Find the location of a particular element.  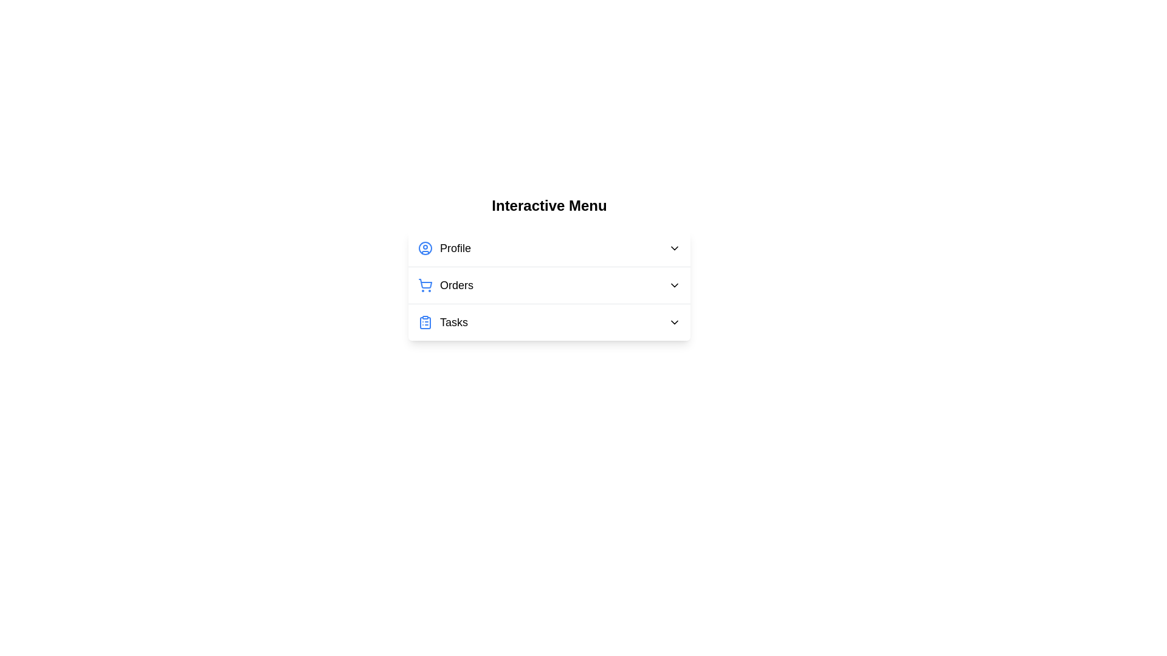

the first button-like menu item in the 'Interactive Menu' to bring focus to the user's profile section is located at coordinates (444, 247).